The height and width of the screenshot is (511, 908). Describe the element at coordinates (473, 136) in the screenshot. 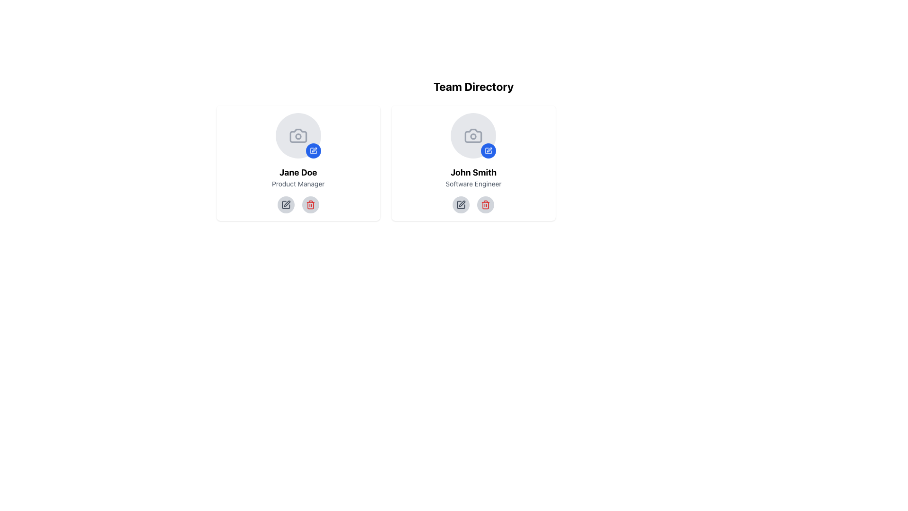

I see `the circular decorative graphical component representing a camera lens, which is centrally located within the camera icon for updating John Smith's profile image in the Team Directory layout` at that location.